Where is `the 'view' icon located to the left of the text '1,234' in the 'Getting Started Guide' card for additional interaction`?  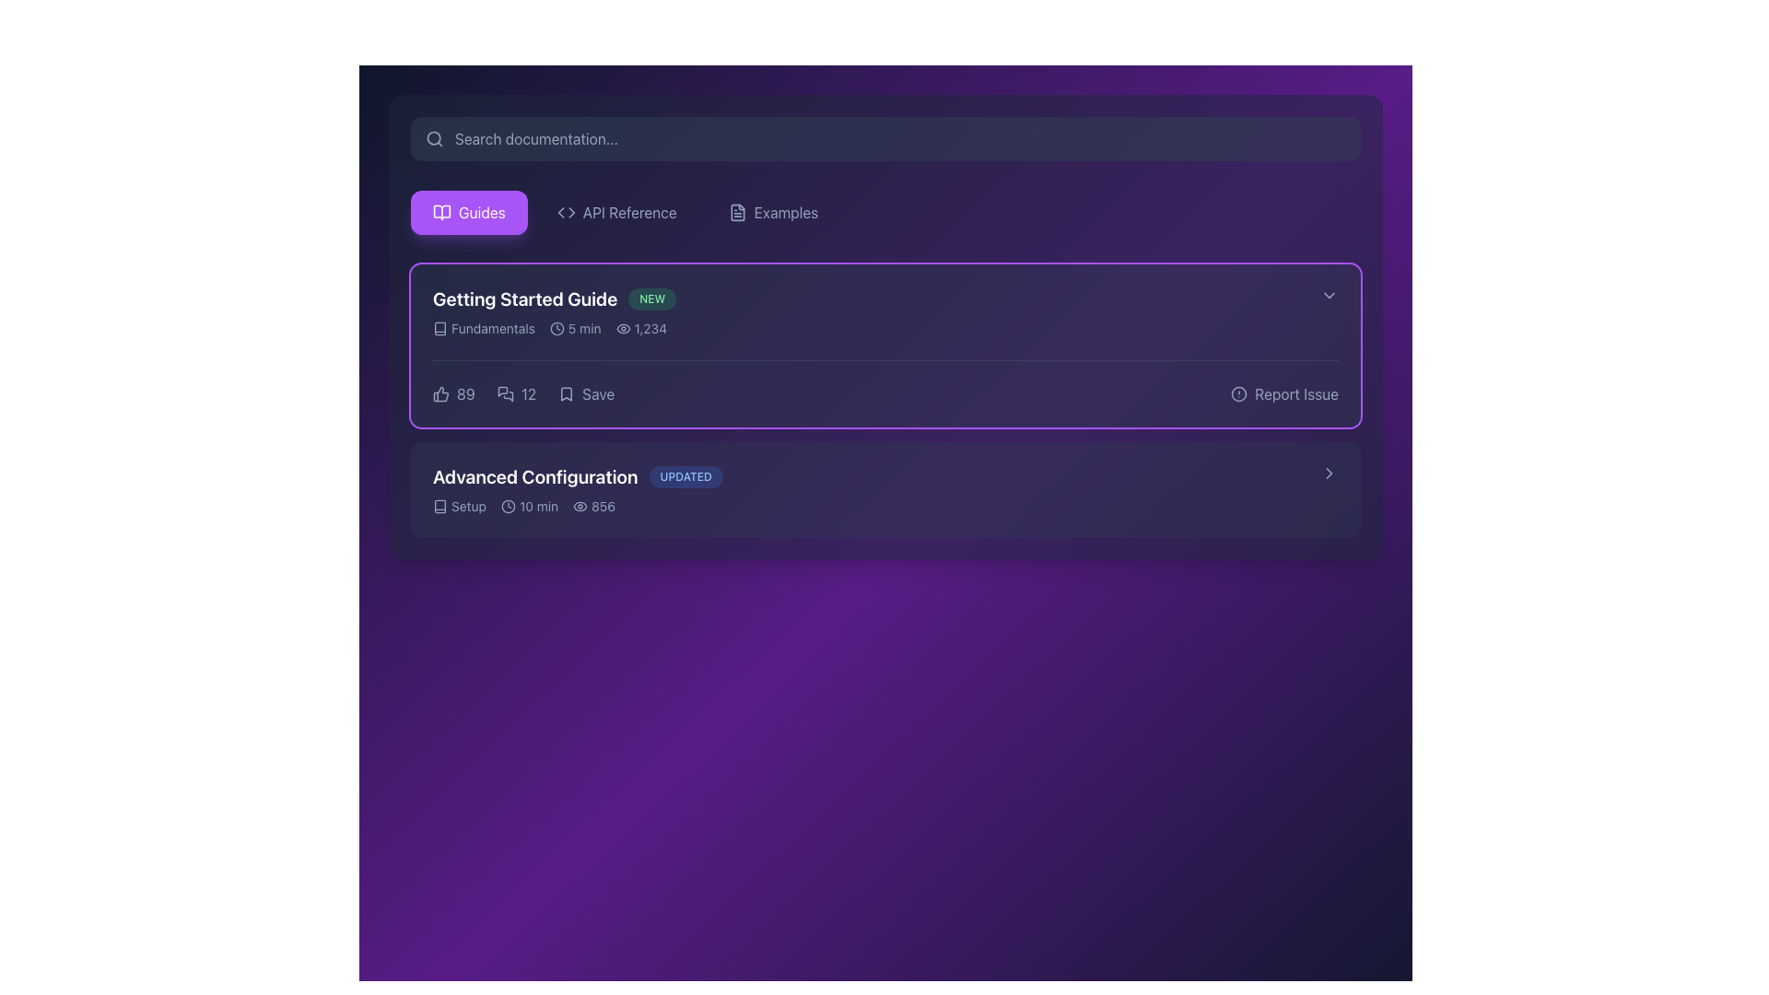 the 'view' icon located to the left of the text '1,234' in the 'Getting Started Guide' card for additional interaction is located at coordinates (623, 328).